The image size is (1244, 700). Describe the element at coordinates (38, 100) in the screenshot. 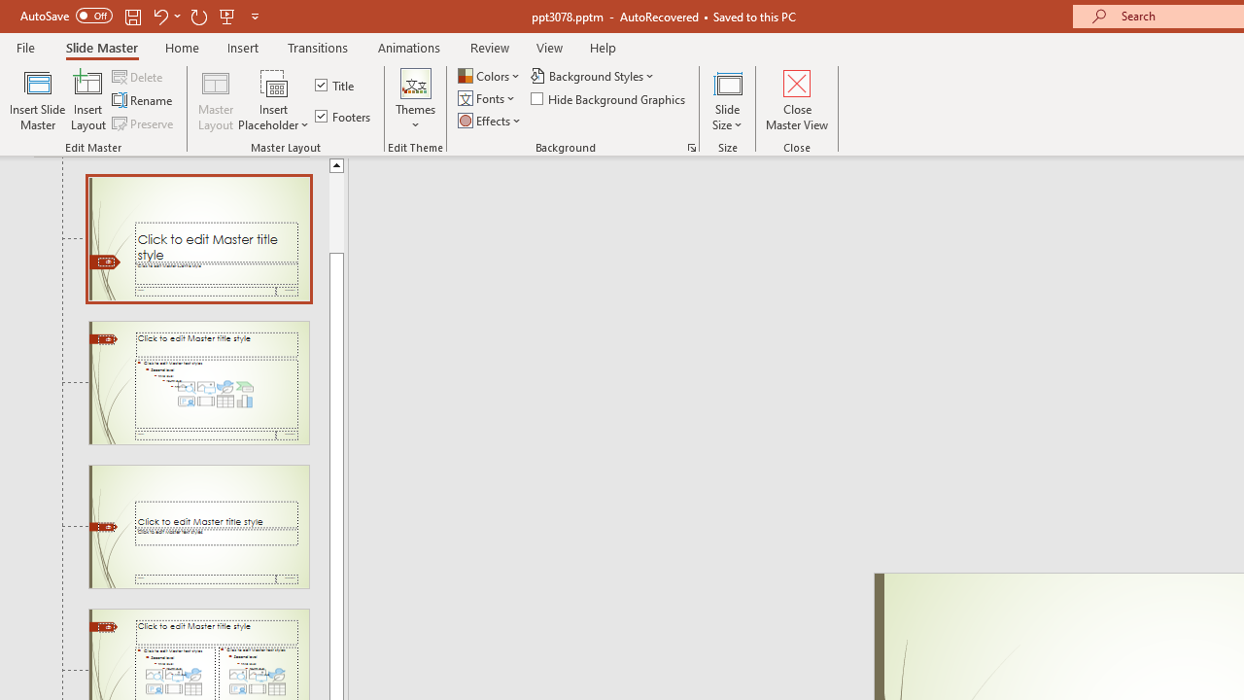

I see `'Insert Slide Master'` at that location.